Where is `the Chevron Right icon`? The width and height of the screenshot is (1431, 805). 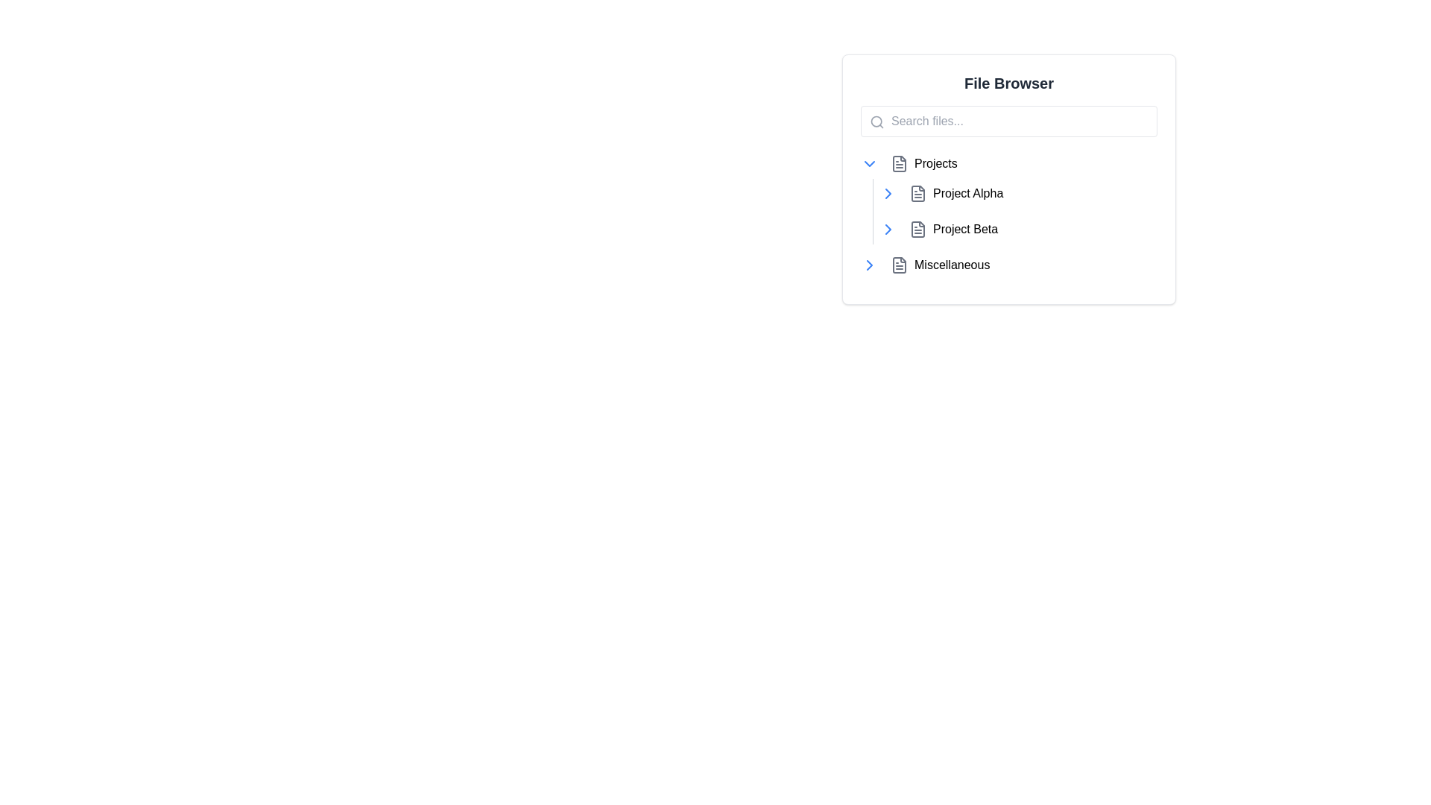 the Chevron Right icon is located at coordinates (888, 230).